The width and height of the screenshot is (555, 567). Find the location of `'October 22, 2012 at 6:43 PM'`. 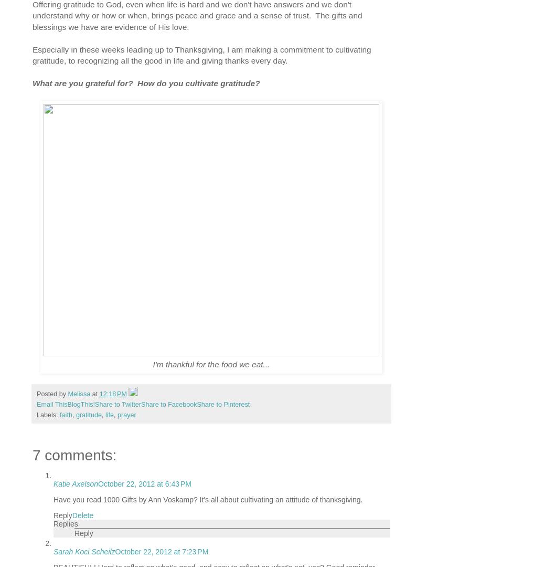

'October 22, 2012 at 6:43 PM' is located at coordinates (144, 484).